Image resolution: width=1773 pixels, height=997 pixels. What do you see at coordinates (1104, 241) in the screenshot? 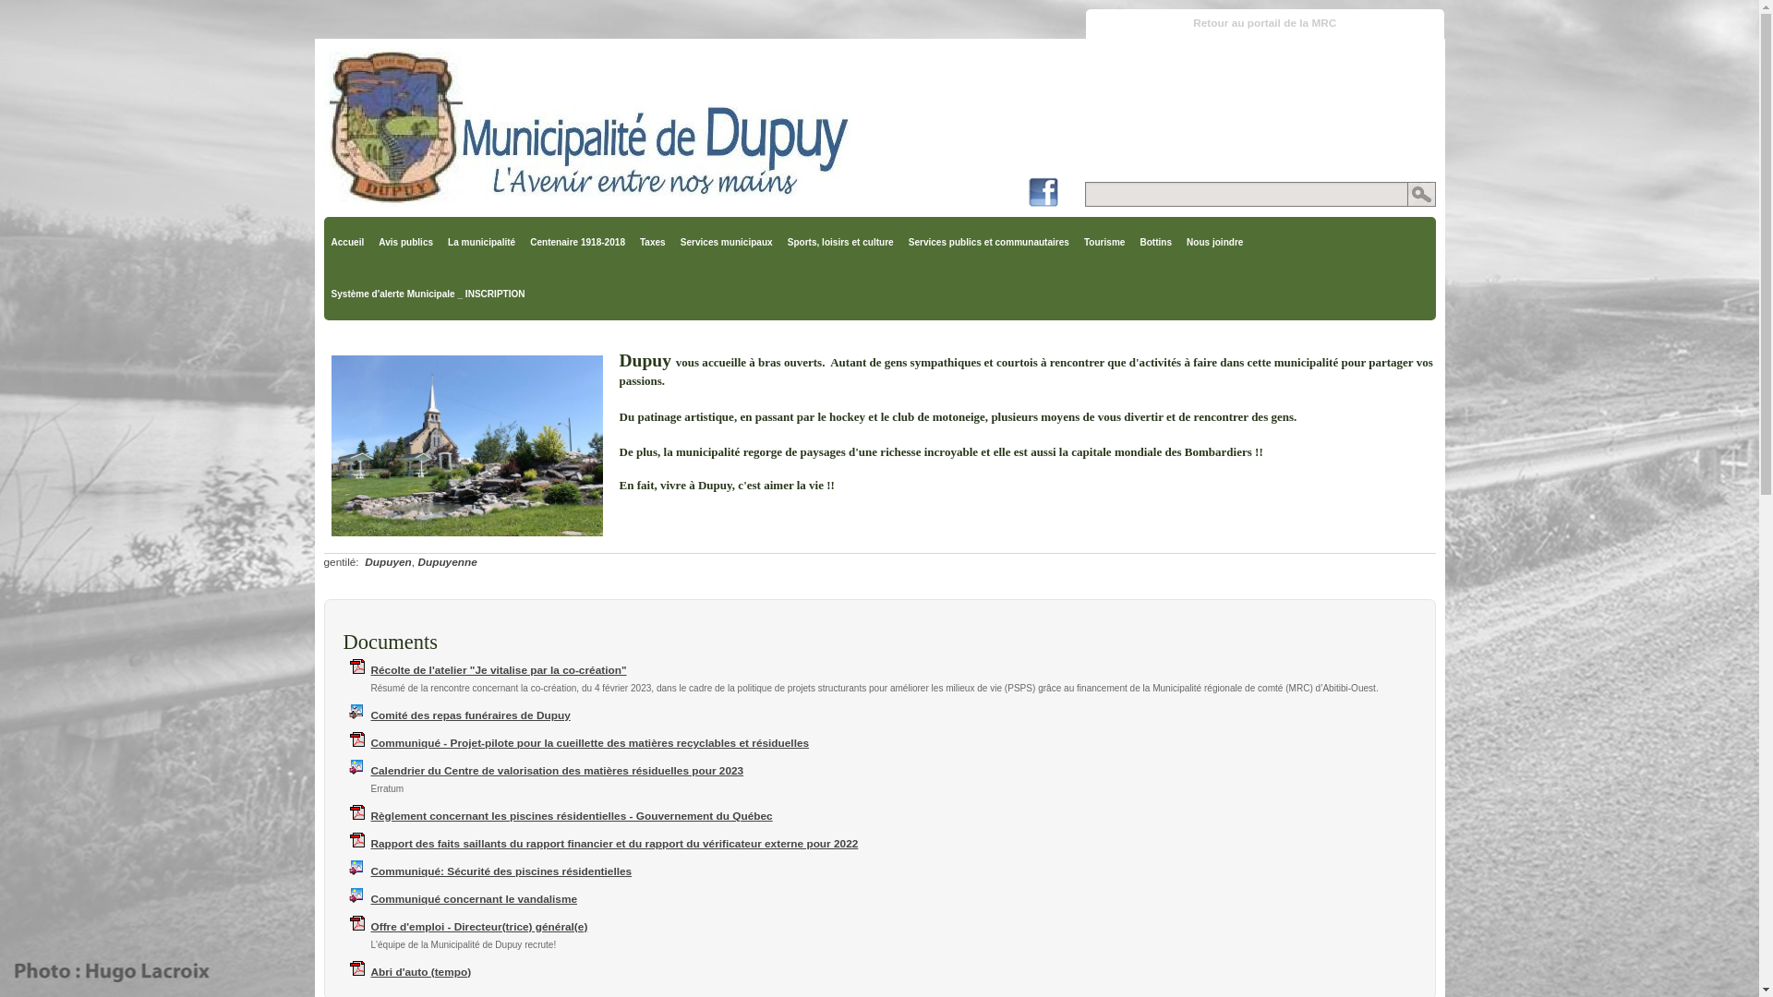
I see `'Tourisme'` at bounding box center [1104, 241].